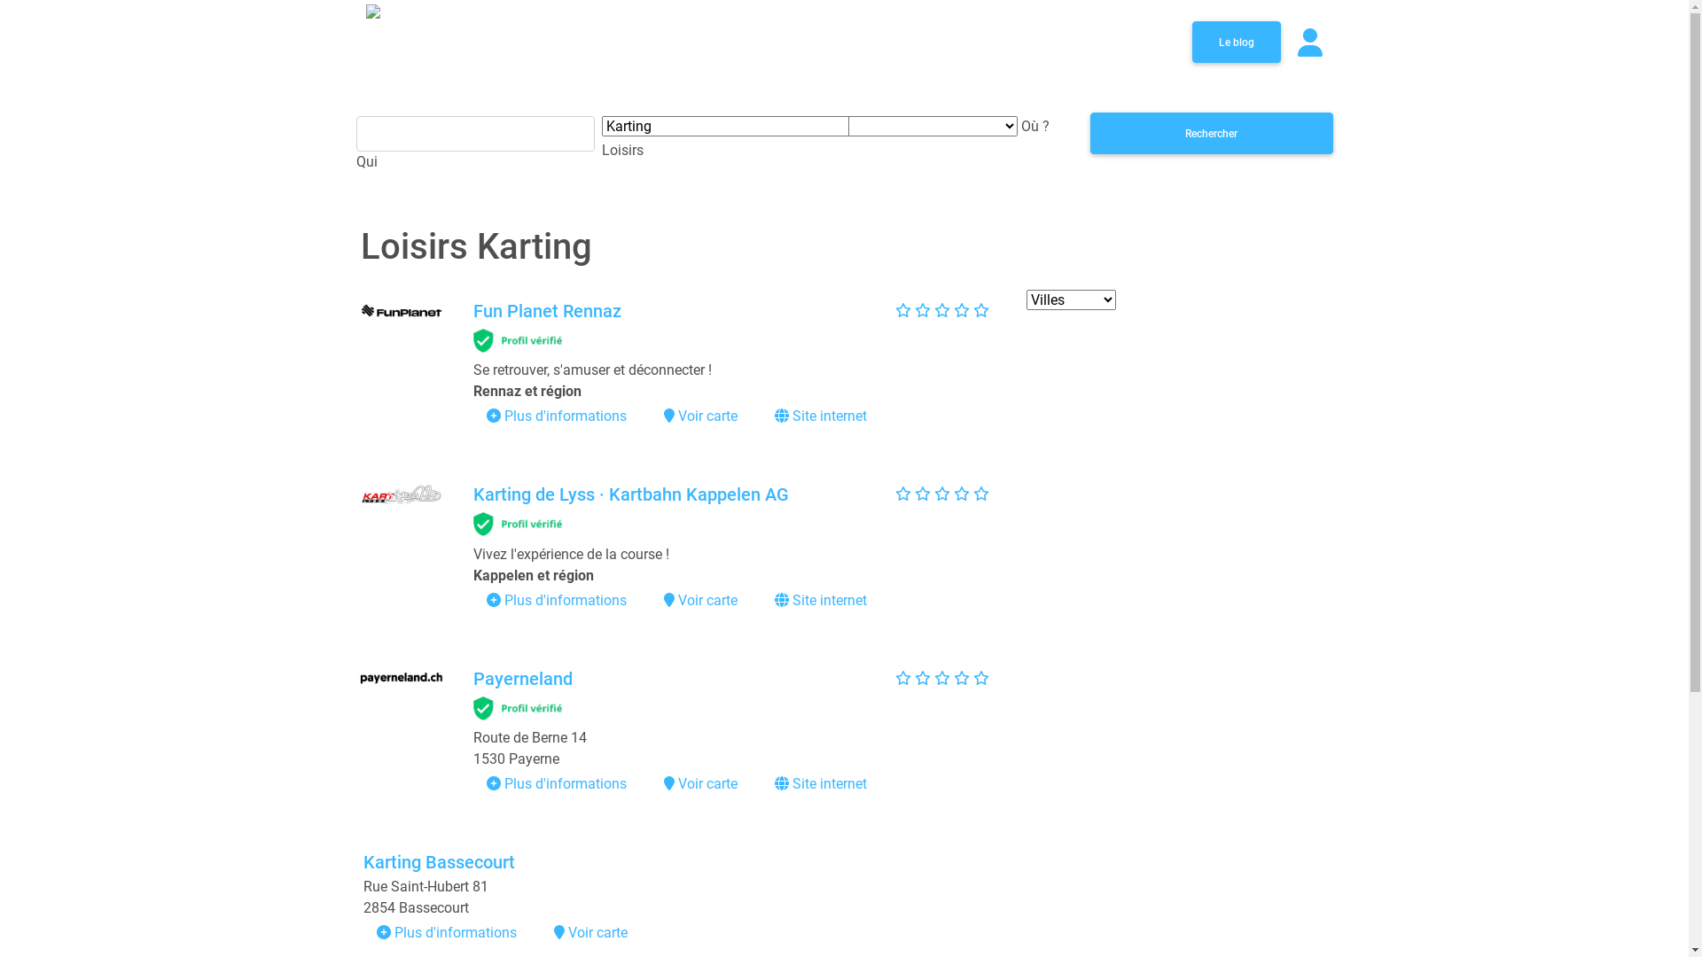 This screenshot has height=957, width=1702. I want to click on 'Payerneland', so click(522, 678).